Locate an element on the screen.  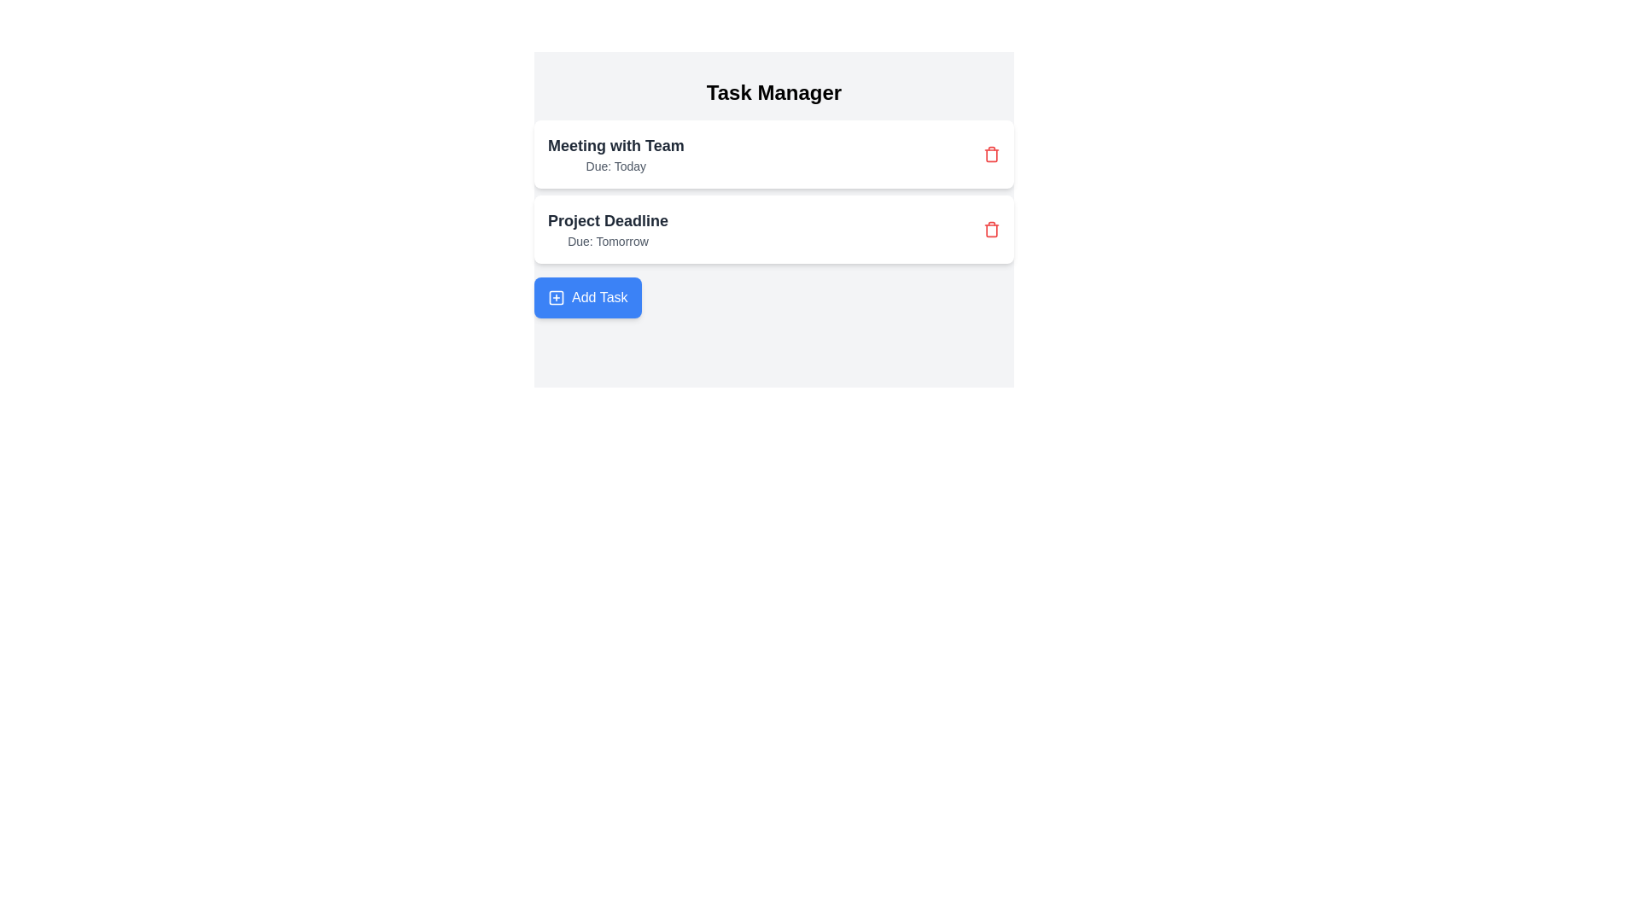
the icon associated with adding a new task located at the leftmost side of the blue 'Add Task' button is located at coordinates (557, 296).